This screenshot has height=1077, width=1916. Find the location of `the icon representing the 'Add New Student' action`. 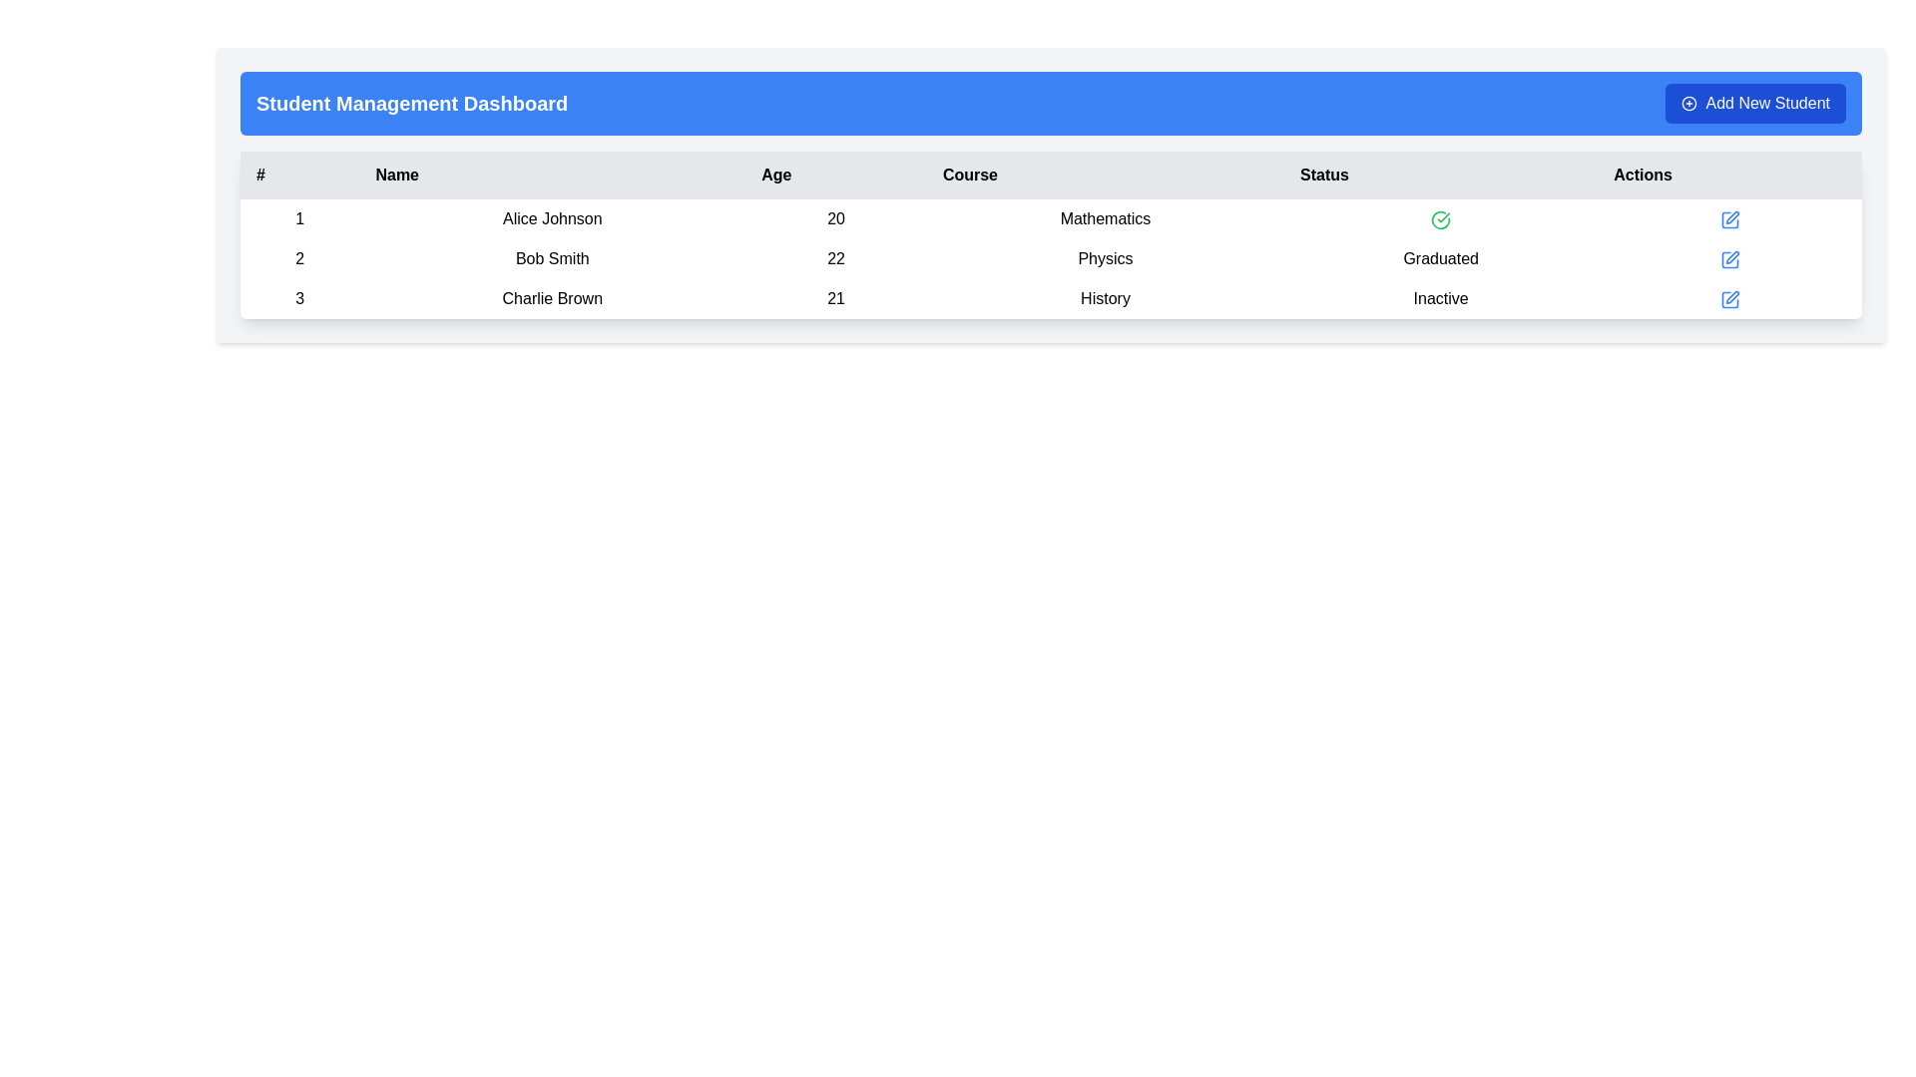

the icon representing the 'Add New Student' action is located at coordinates (1688, 104).